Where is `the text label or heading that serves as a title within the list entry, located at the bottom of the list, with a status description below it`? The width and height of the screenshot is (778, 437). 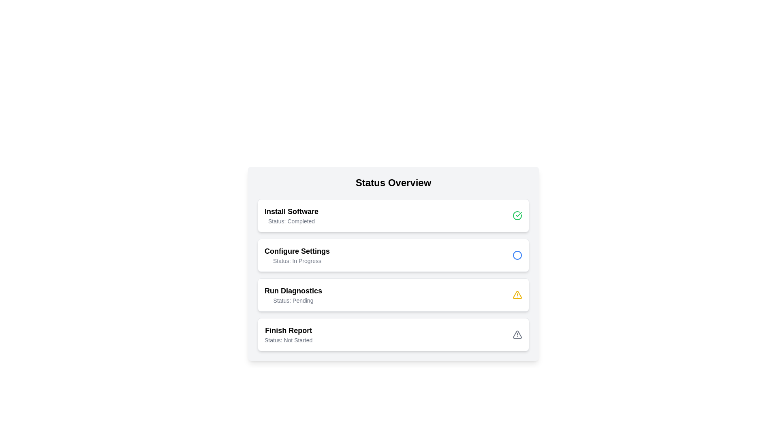
the text label or heading that serves as a title within the list entry, located at the bottom of the list, with a status description below it is located at coordinates (289, 331).